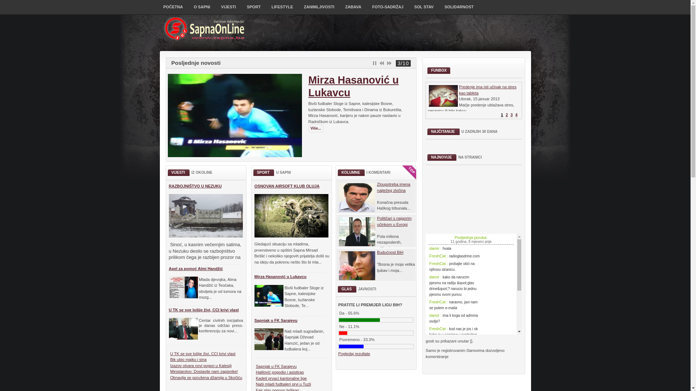 The width and height of the screenshot is (696, 391). What do you see at coordinates (353, 10) in the screenshot?
I see `'ZABAVA'` at bounding box center [353, 10].